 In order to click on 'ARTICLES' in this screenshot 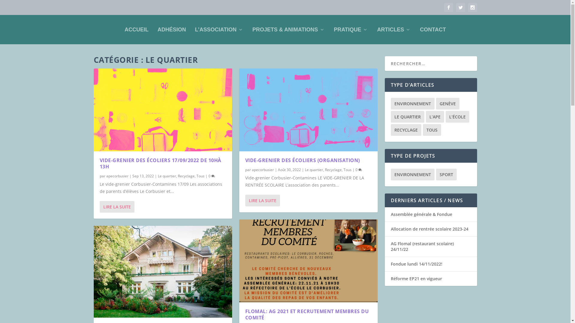, I will do `click(376, 30)`.